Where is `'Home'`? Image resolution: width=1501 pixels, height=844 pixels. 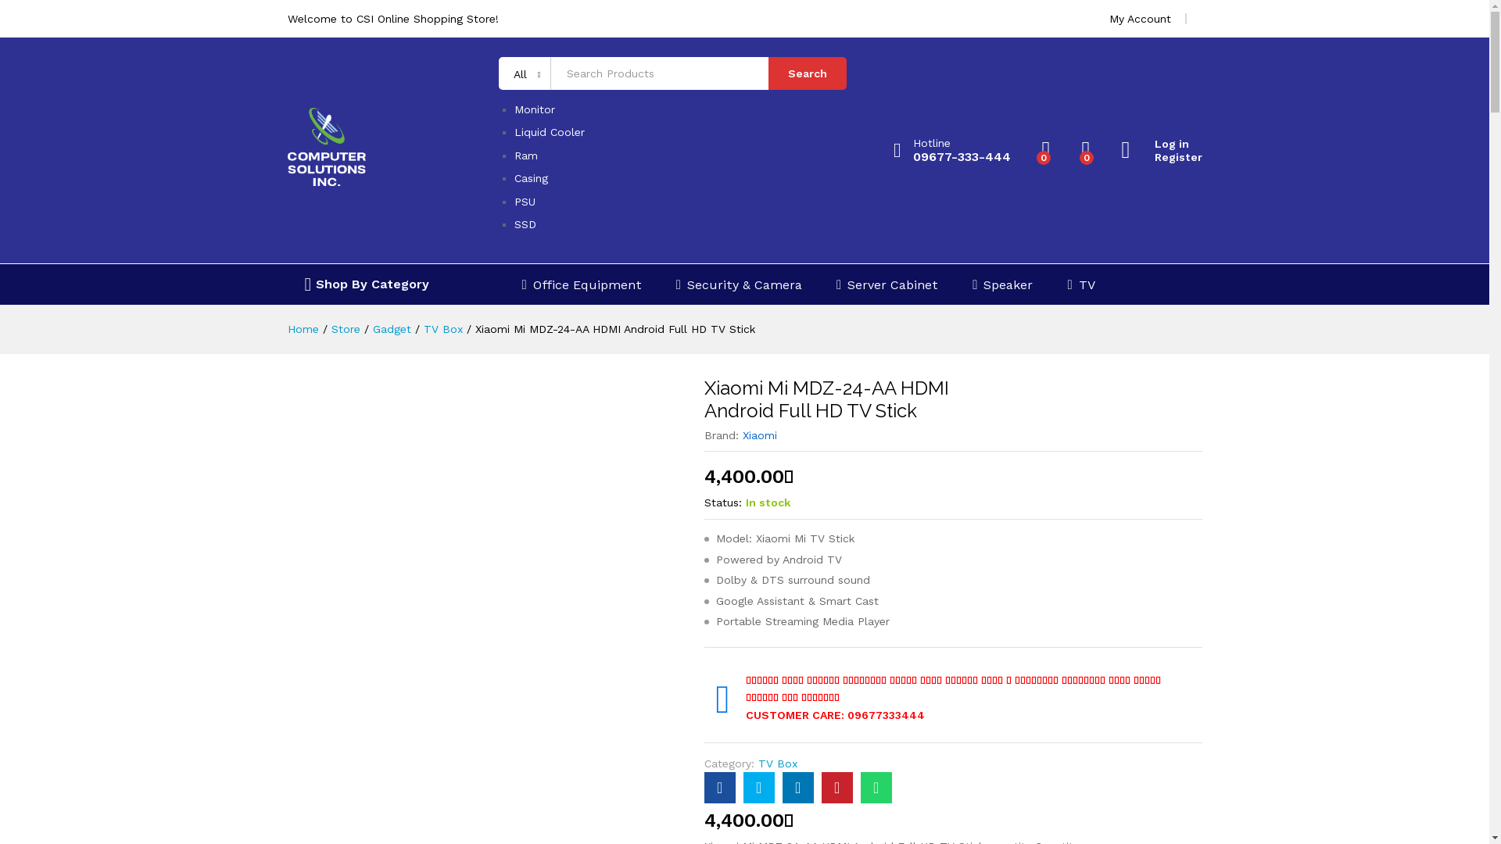
'Home' is located at coordinates (288, 327).